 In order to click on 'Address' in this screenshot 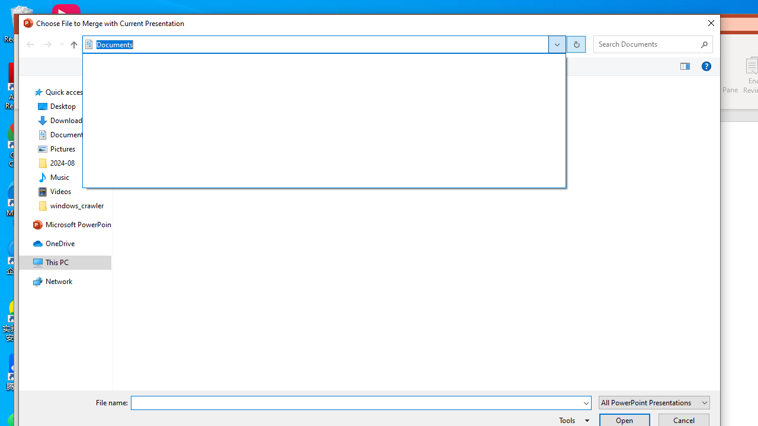, I will do `click(321, 44)`.